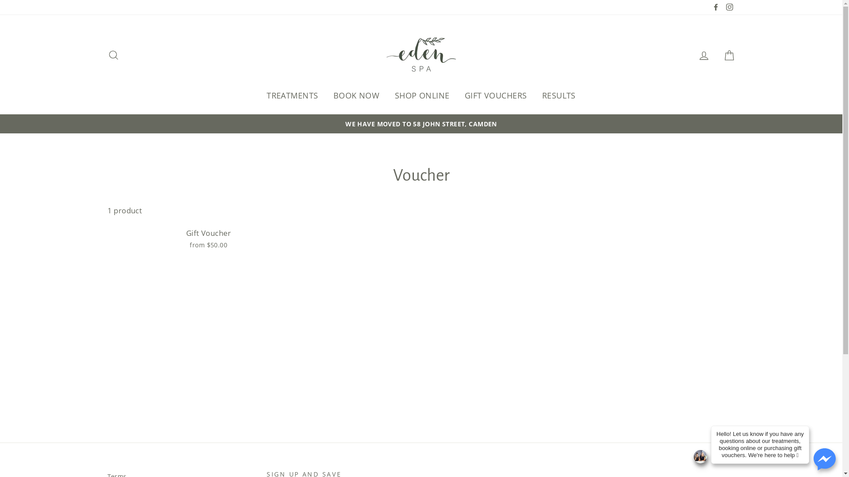 The image size is (849, 477). What do you see at coordinates (356, 95) in the screenshot?
I see `'BOOK NOW'` at bounding box center [356, 95].